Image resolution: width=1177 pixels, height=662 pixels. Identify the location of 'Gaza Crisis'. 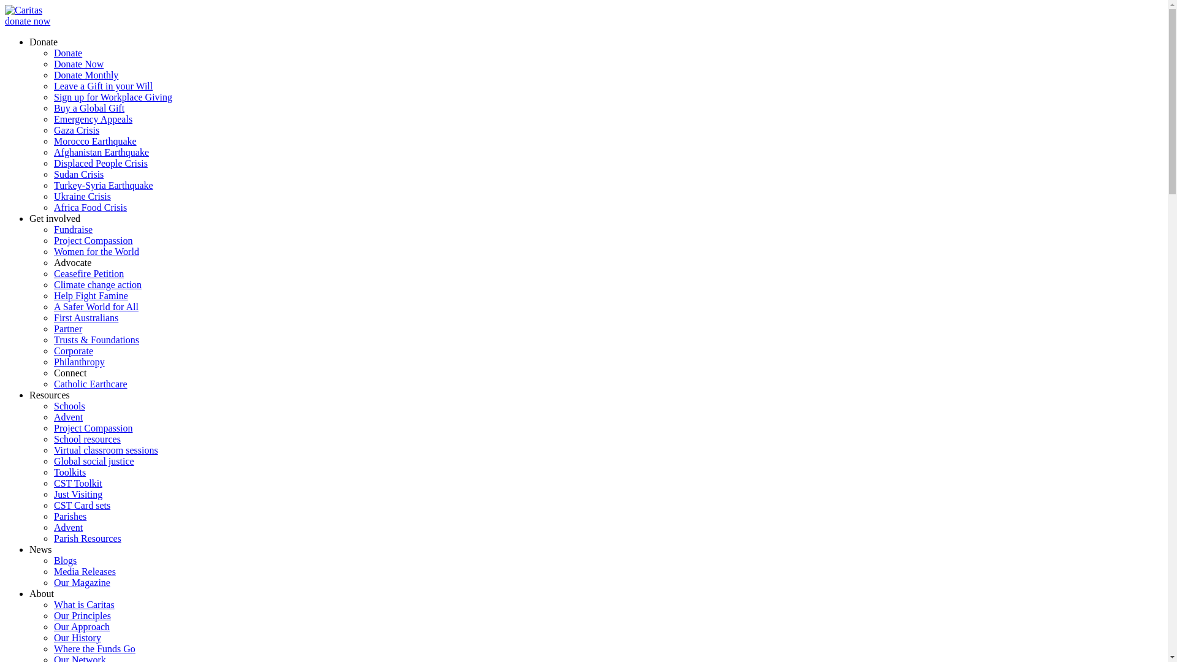
(75, 130).